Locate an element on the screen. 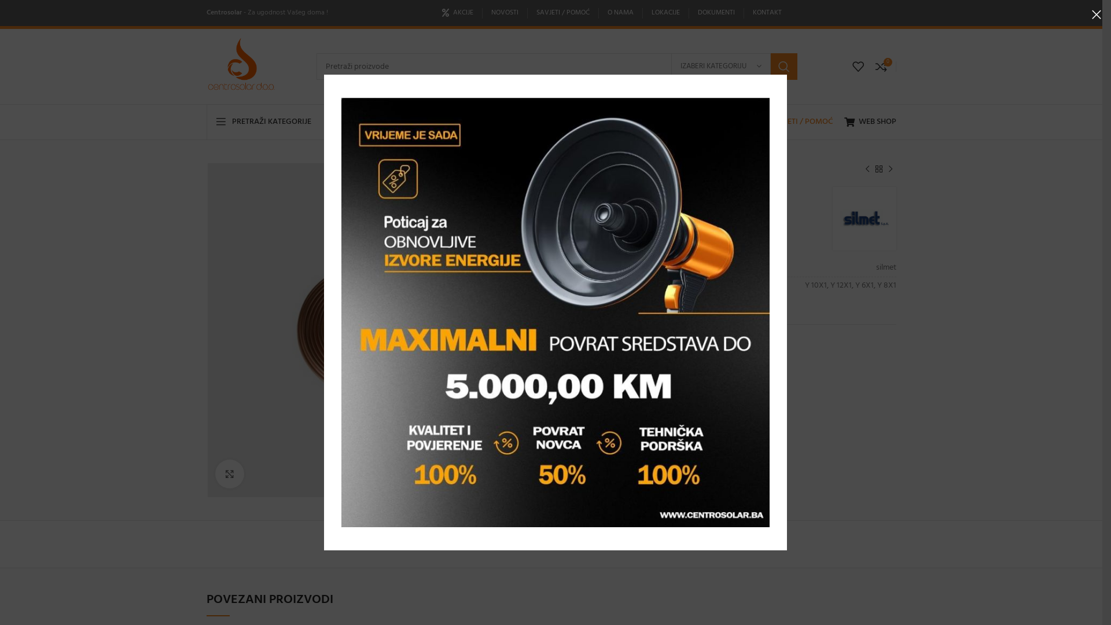  'WEB SHOP' is located at coordinates (869, 122).